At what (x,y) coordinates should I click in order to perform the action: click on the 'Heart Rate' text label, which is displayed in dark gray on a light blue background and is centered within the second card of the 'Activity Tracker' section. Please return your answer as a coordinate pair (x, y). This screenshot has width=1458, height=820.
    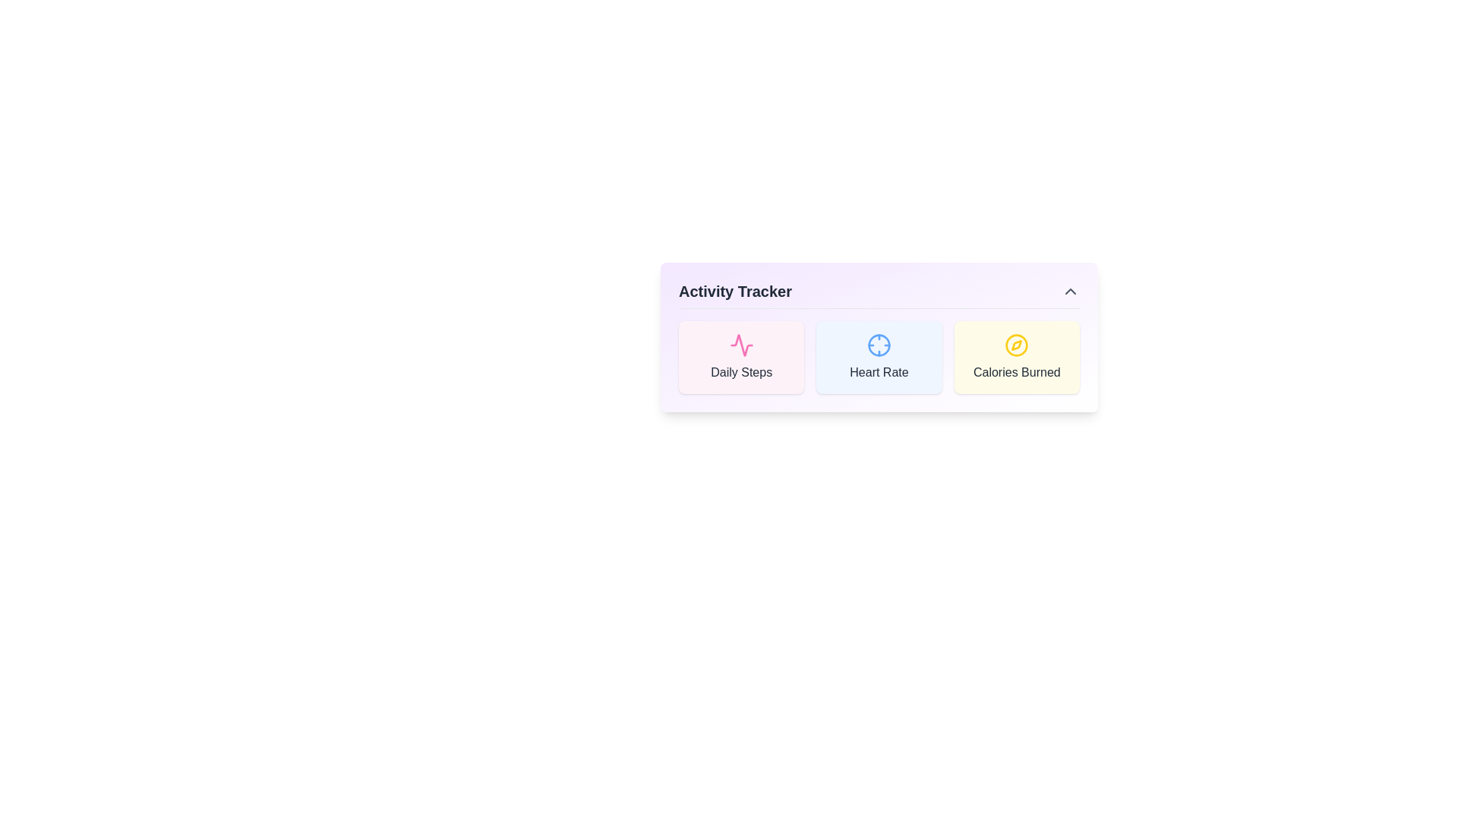
    Looking at the image, I should click on (879, 372).